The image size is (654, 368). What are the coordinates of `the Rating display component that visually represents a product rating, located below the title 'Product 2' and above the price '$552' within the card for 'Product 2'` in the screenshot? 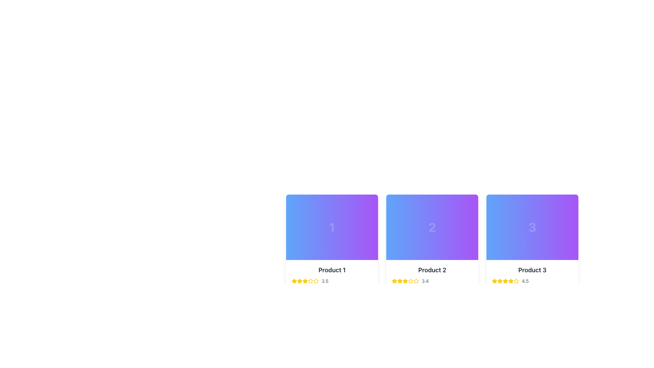 It's located at (432, 281).